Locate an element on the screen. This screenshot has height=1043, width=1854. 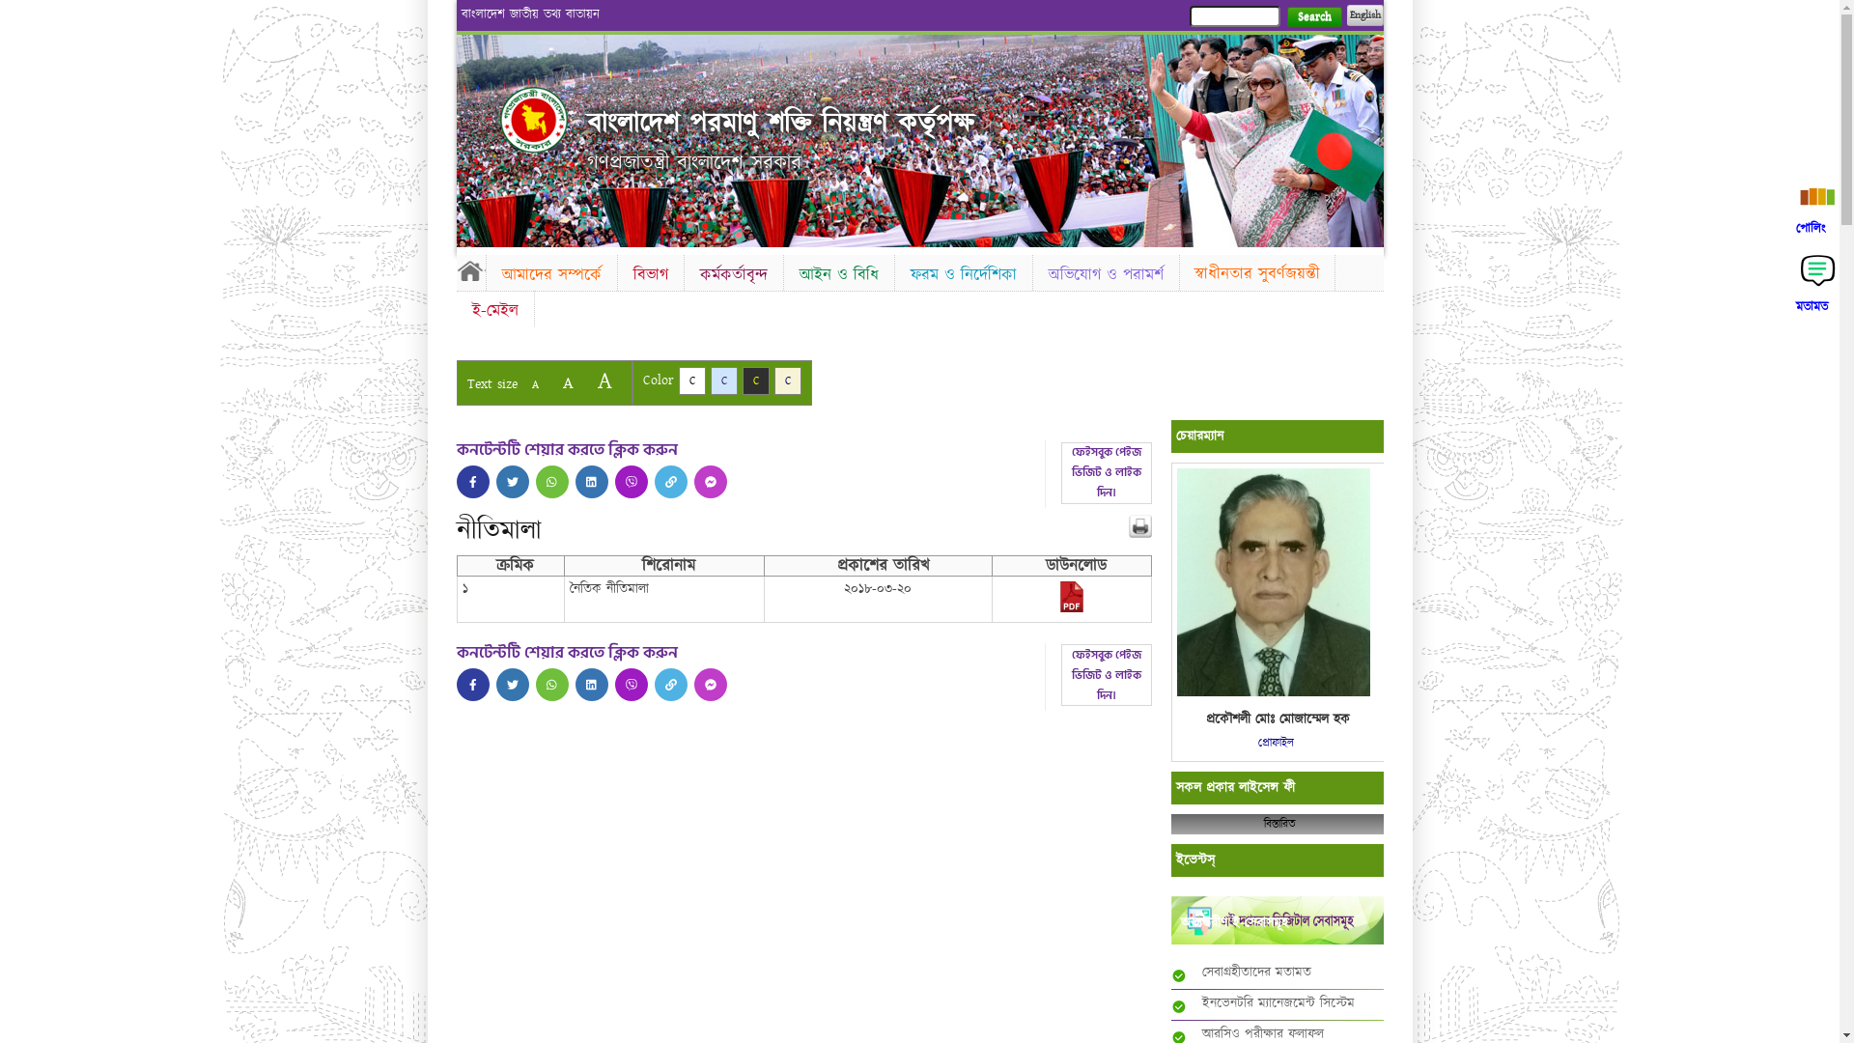
'C' is located at coordinates (677, 381).